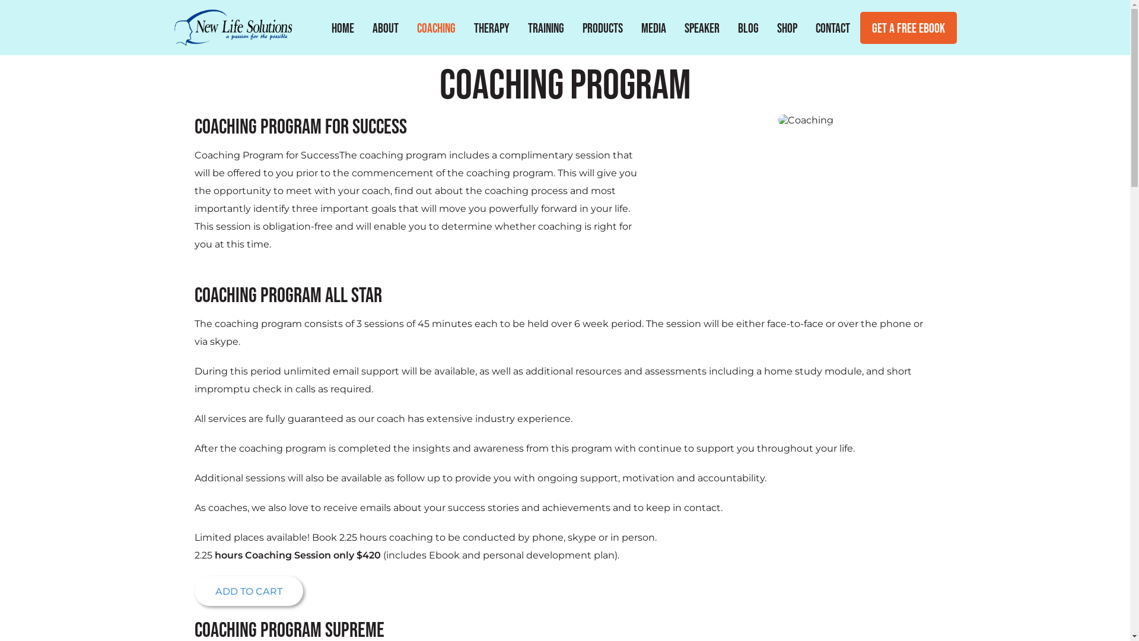 The height and width of the screenshot is (641, 1139). I want to click on 'COACHING', so click(413, 27).